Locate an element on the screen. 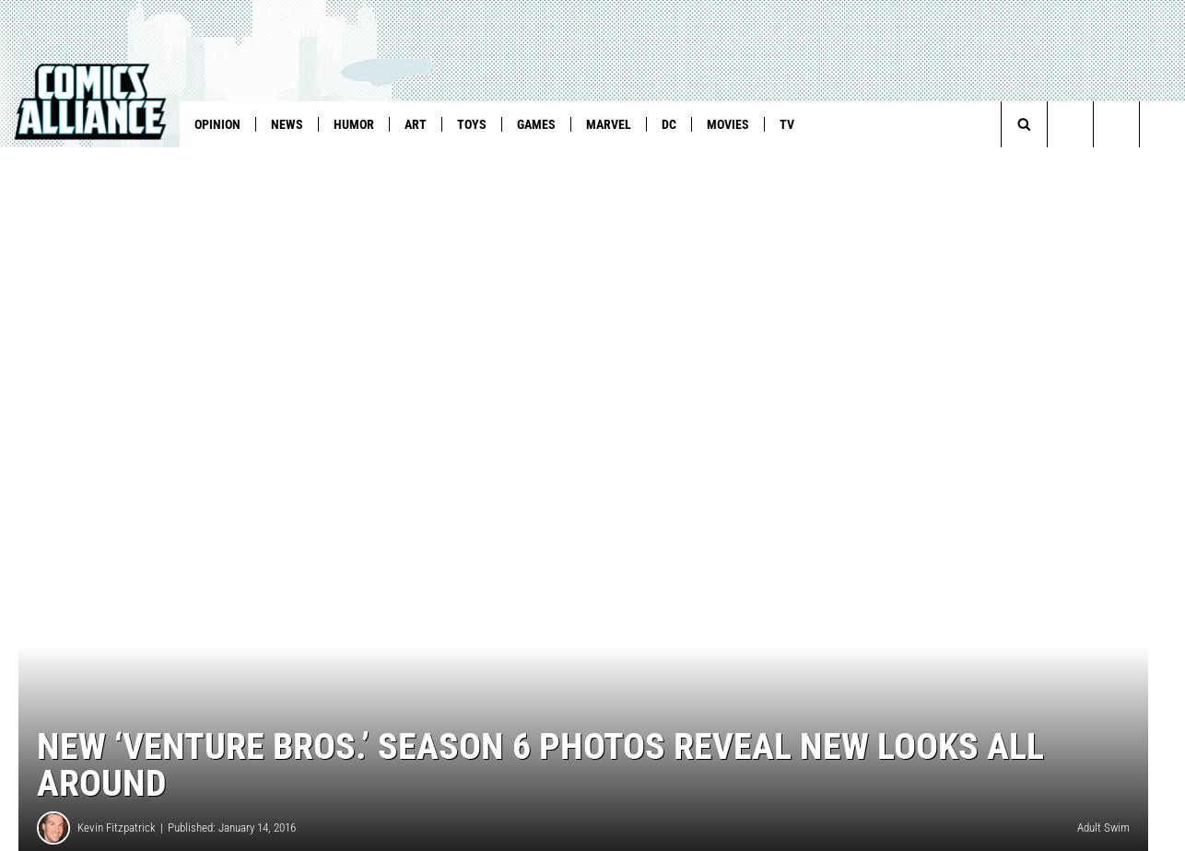 The width and height of the screenshot is (1185, 851). 'Lists' is located at coordinates (429, 162).